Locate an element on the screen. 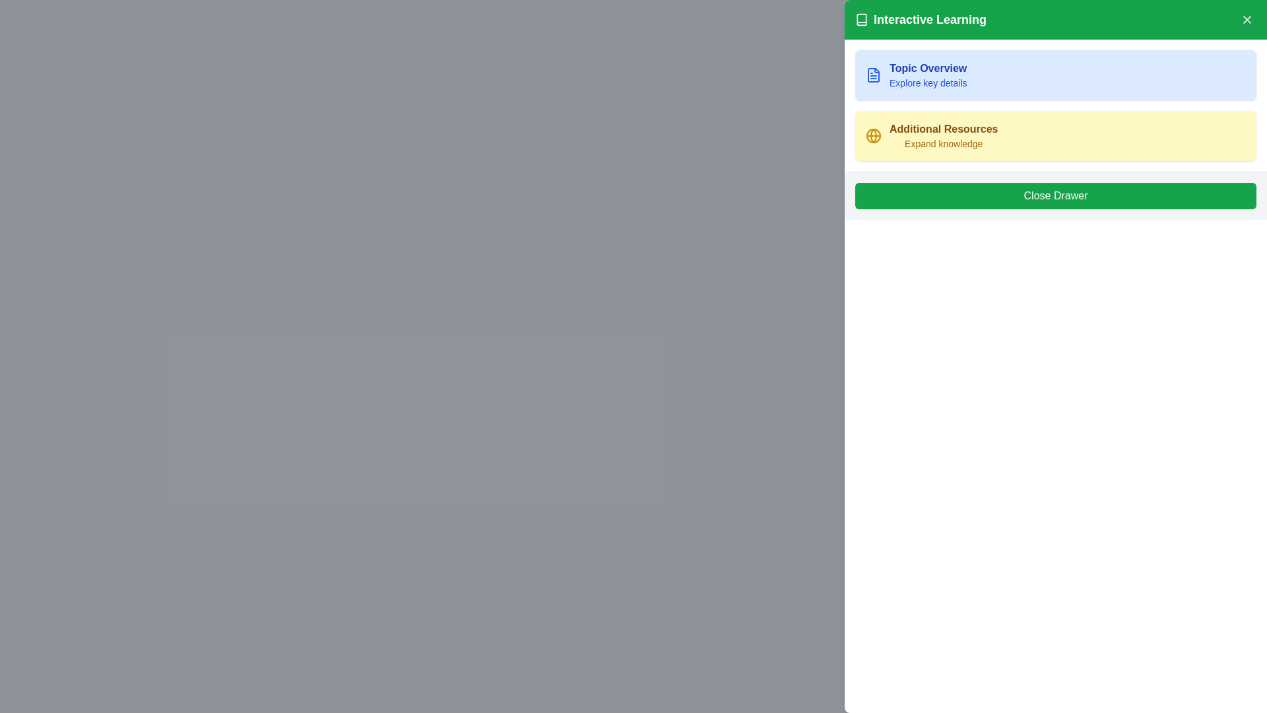 Image resolution: width=1267 pixels, height=713 pixels. the close icon button located in the top-right corner of the green header bar is located at coordinates (1247, 20).